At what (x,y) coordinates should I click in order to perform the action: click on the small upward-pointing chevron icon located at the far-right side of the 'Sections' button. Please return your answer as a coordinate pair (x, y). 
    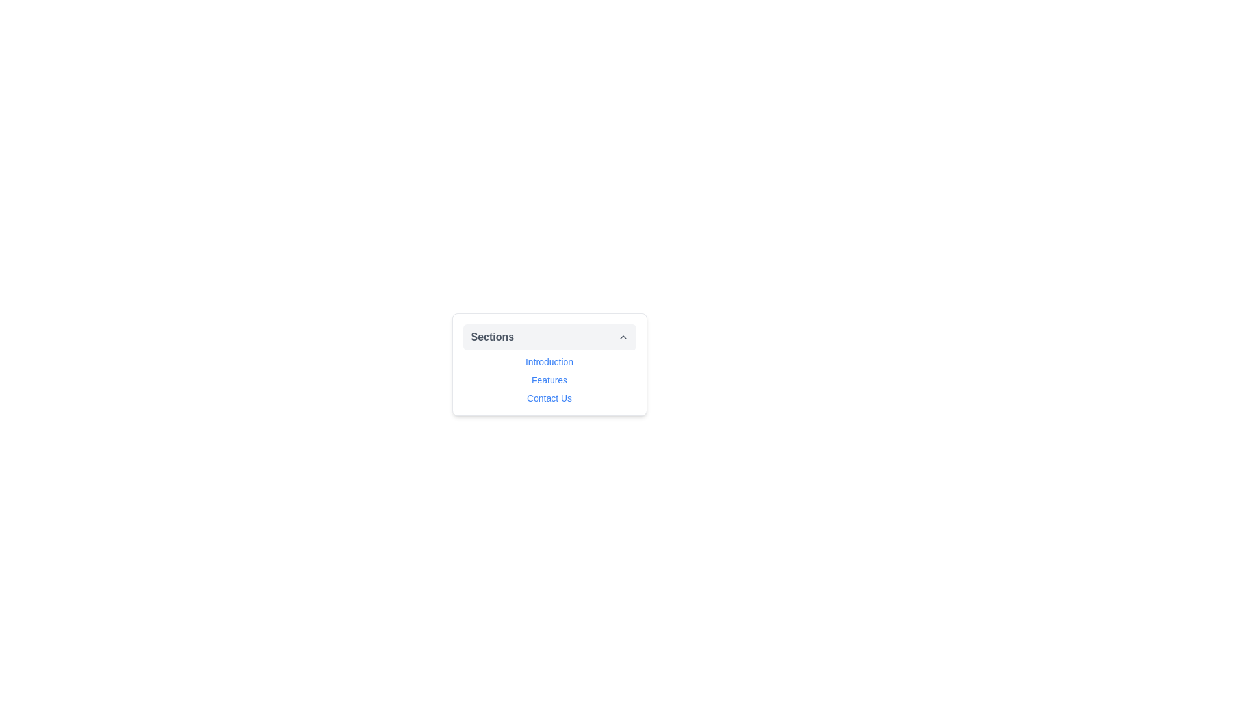
    Looking at the image, I should click on (622, 337).